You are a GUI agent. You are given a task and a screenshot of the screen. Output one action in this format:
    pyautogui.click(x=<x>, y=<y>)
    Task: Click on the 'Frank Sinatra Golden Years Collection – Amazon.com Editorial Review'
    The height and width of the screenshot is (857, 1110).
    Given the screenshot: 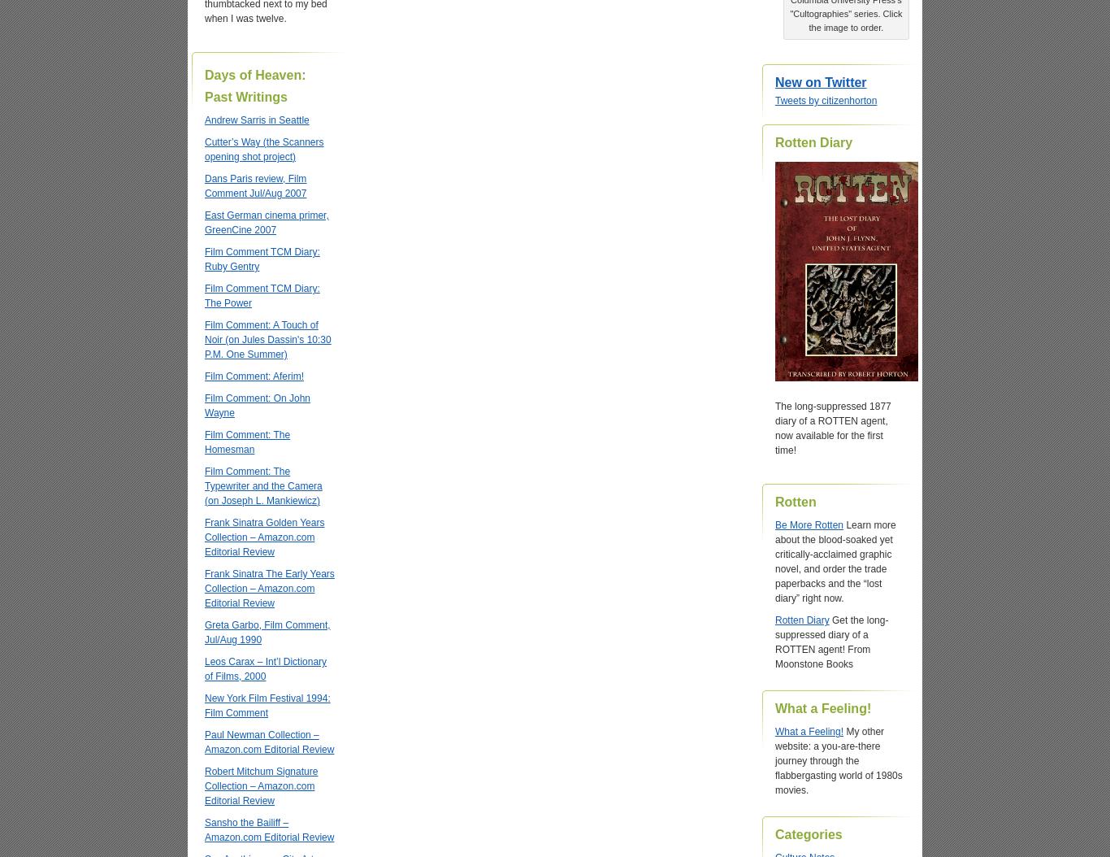 What is the action you would take?
    pyautogui.click(x=264, y=537)
    